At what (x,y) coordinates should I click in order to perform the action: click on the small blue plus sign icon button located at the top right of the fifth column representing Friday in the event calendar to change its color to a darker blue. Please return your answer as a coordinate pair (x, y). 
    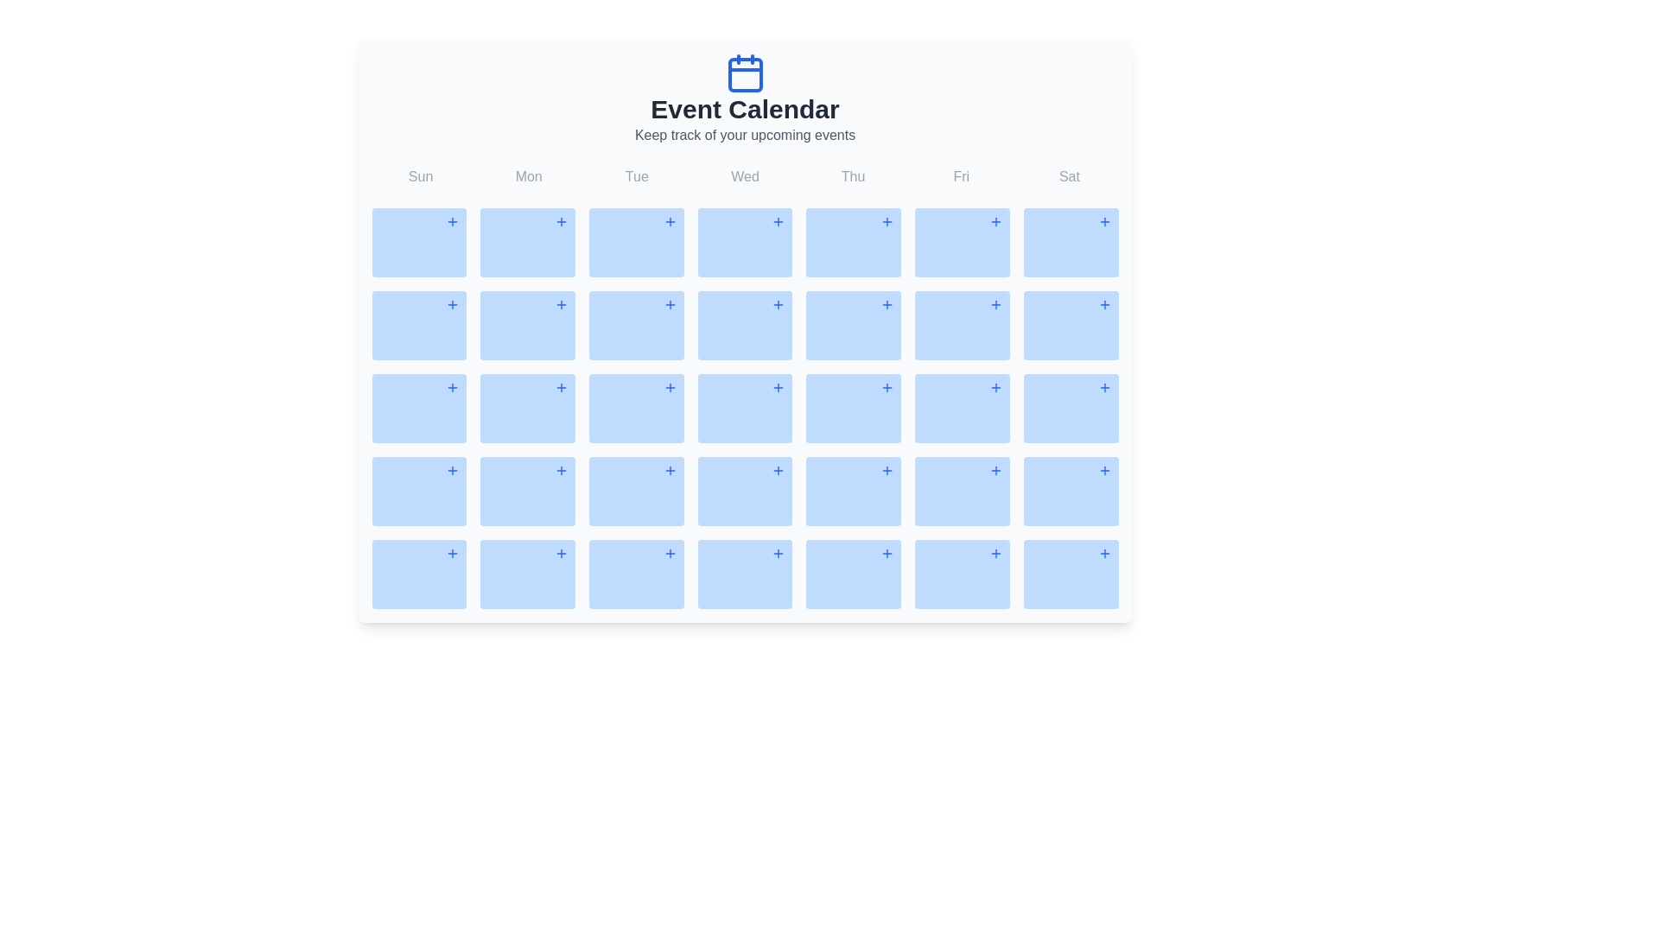
    Looking at the image, I should click on (995, 221).